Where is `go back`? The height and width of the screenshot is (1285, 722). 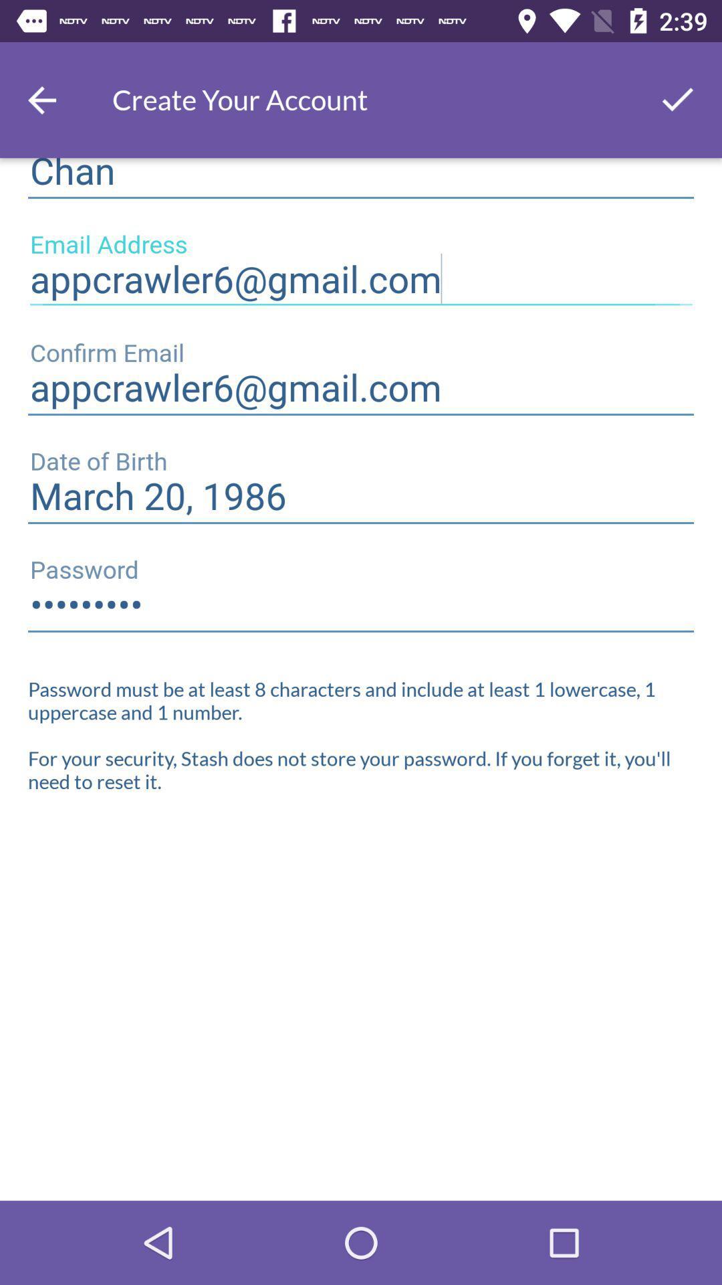 go back is located at coordinates (41, 99).